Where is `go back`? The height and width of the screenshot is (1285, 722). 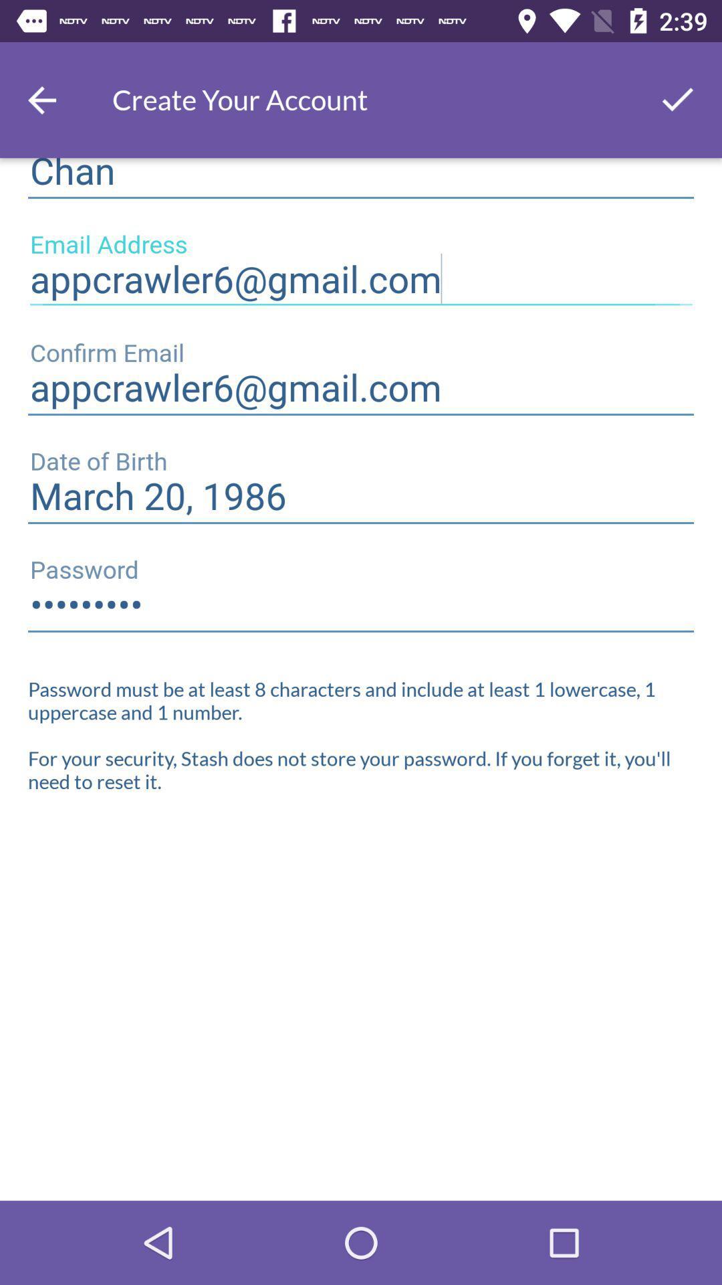 go back is located at coordinates (41, 99).